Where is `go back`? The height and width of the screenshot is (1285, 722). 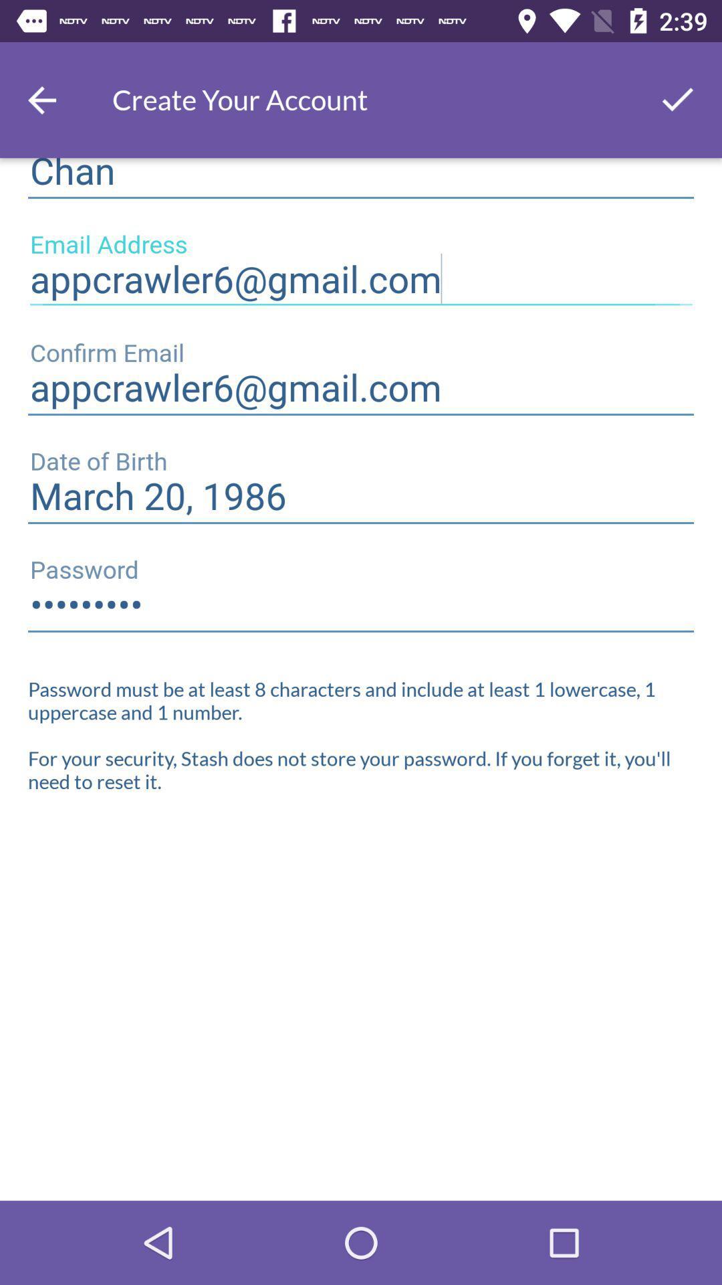 go back is located at coordinates (41, 99).